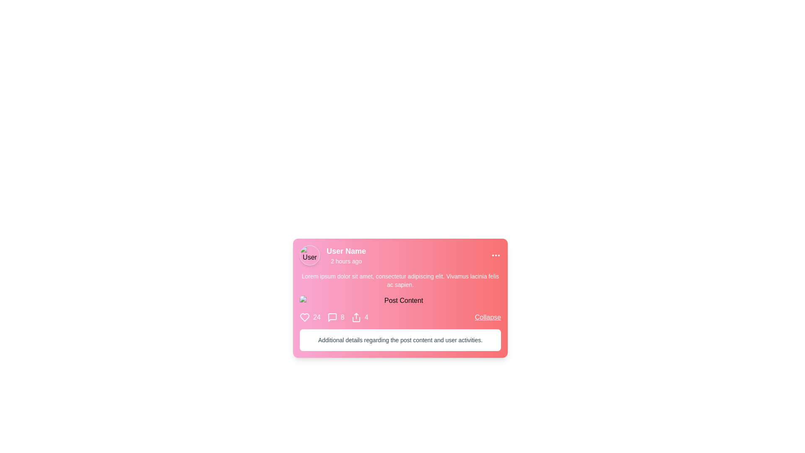 The image size is (805, 453). What do you see at coordinates (304, 317) in the screenshot?
I see `the heart icon button located at the lower part of the user activity card to possibly see a tooltip` at bounding box center [304, 317].